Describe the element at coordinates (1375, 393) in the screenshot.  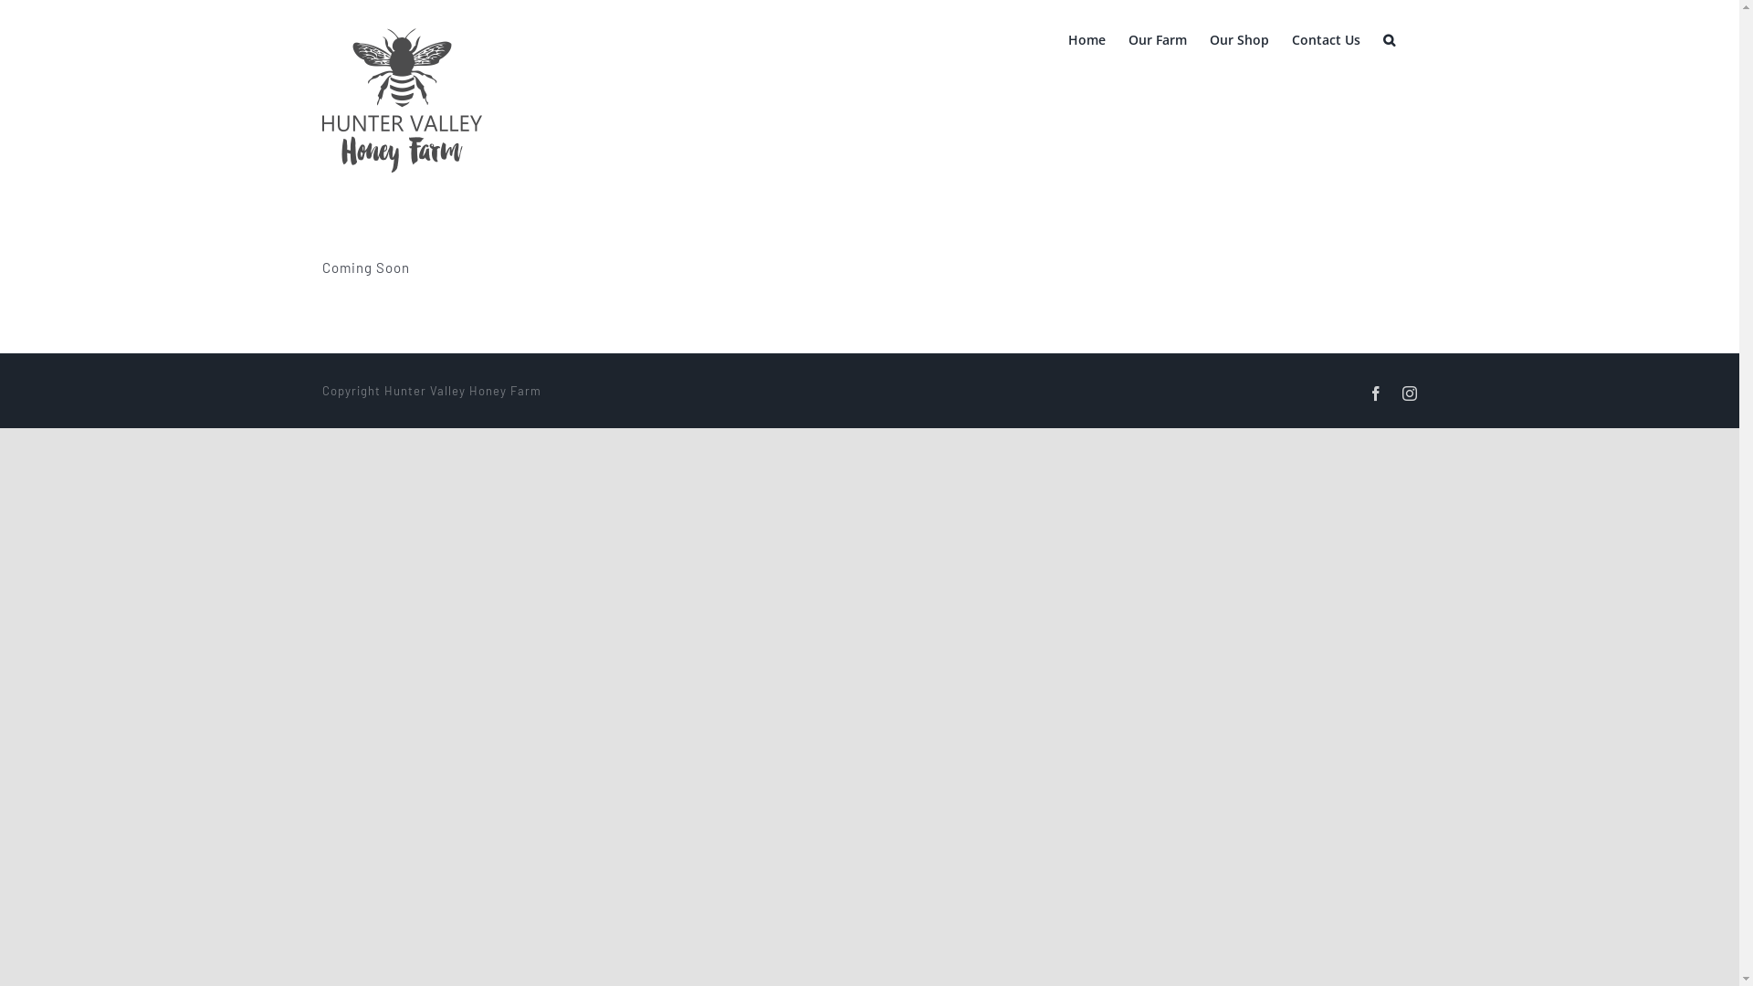
I see `'Facebook'` at that location.